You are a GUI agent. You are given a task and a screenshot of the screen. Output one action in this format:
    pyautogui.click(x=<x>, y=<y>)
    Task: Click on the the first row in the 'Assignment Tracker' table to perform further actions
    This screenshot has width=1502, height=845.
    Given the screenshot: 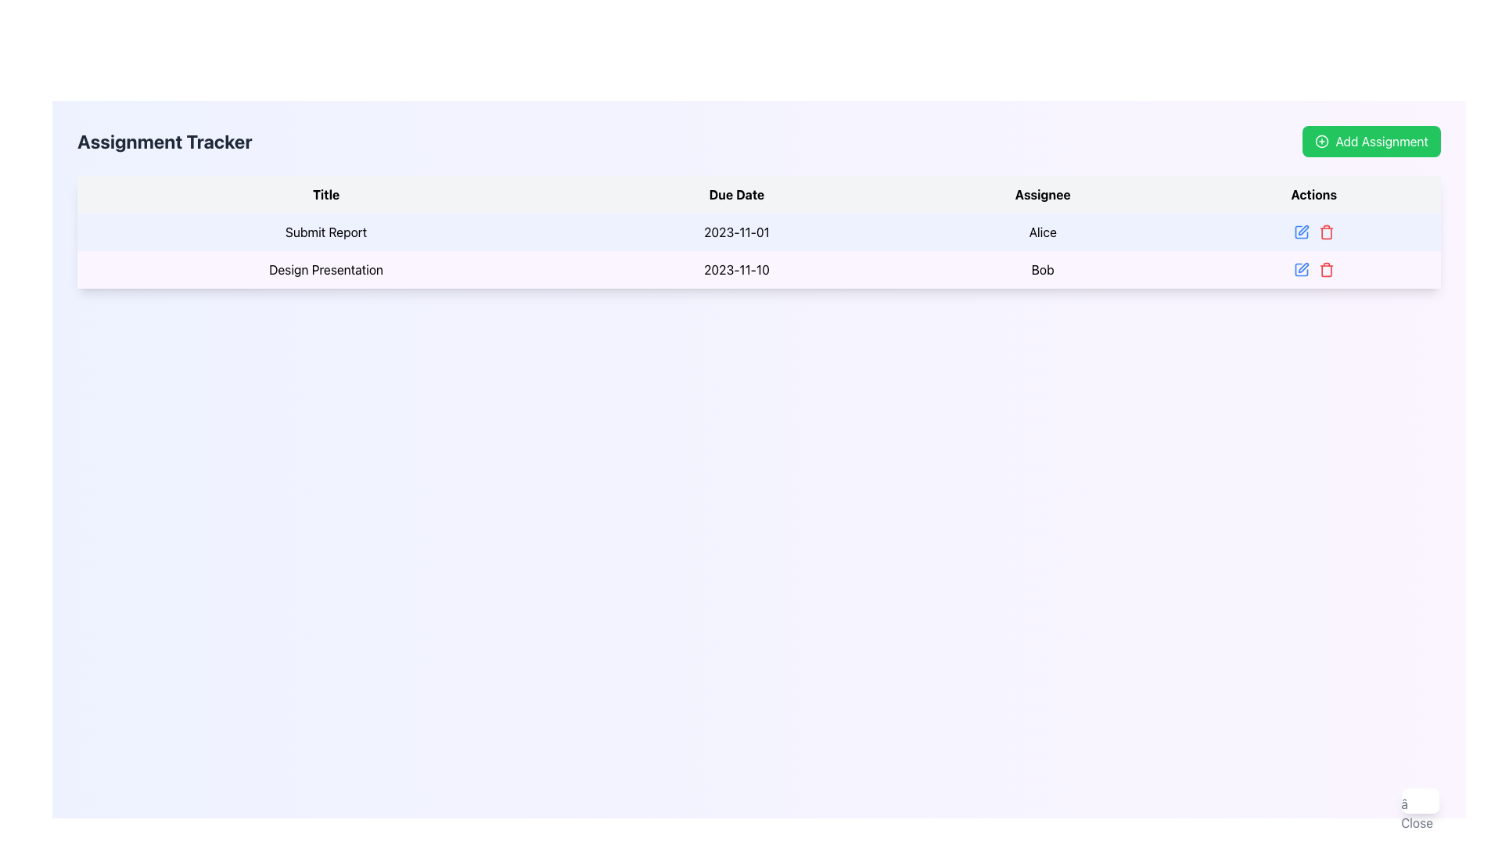 What is the action you would take?
    pyautogui.click(x=759, y=232)
    